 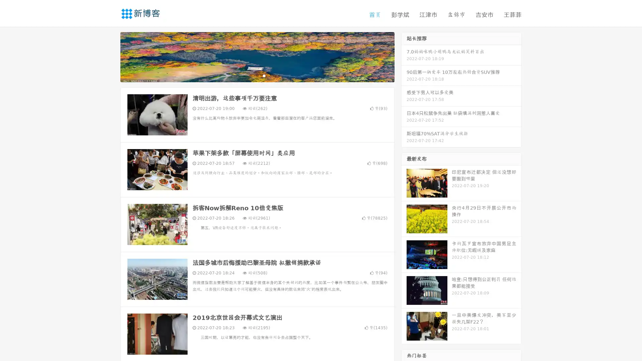 I want to click on Previous slide, so click(x=110, y=56).